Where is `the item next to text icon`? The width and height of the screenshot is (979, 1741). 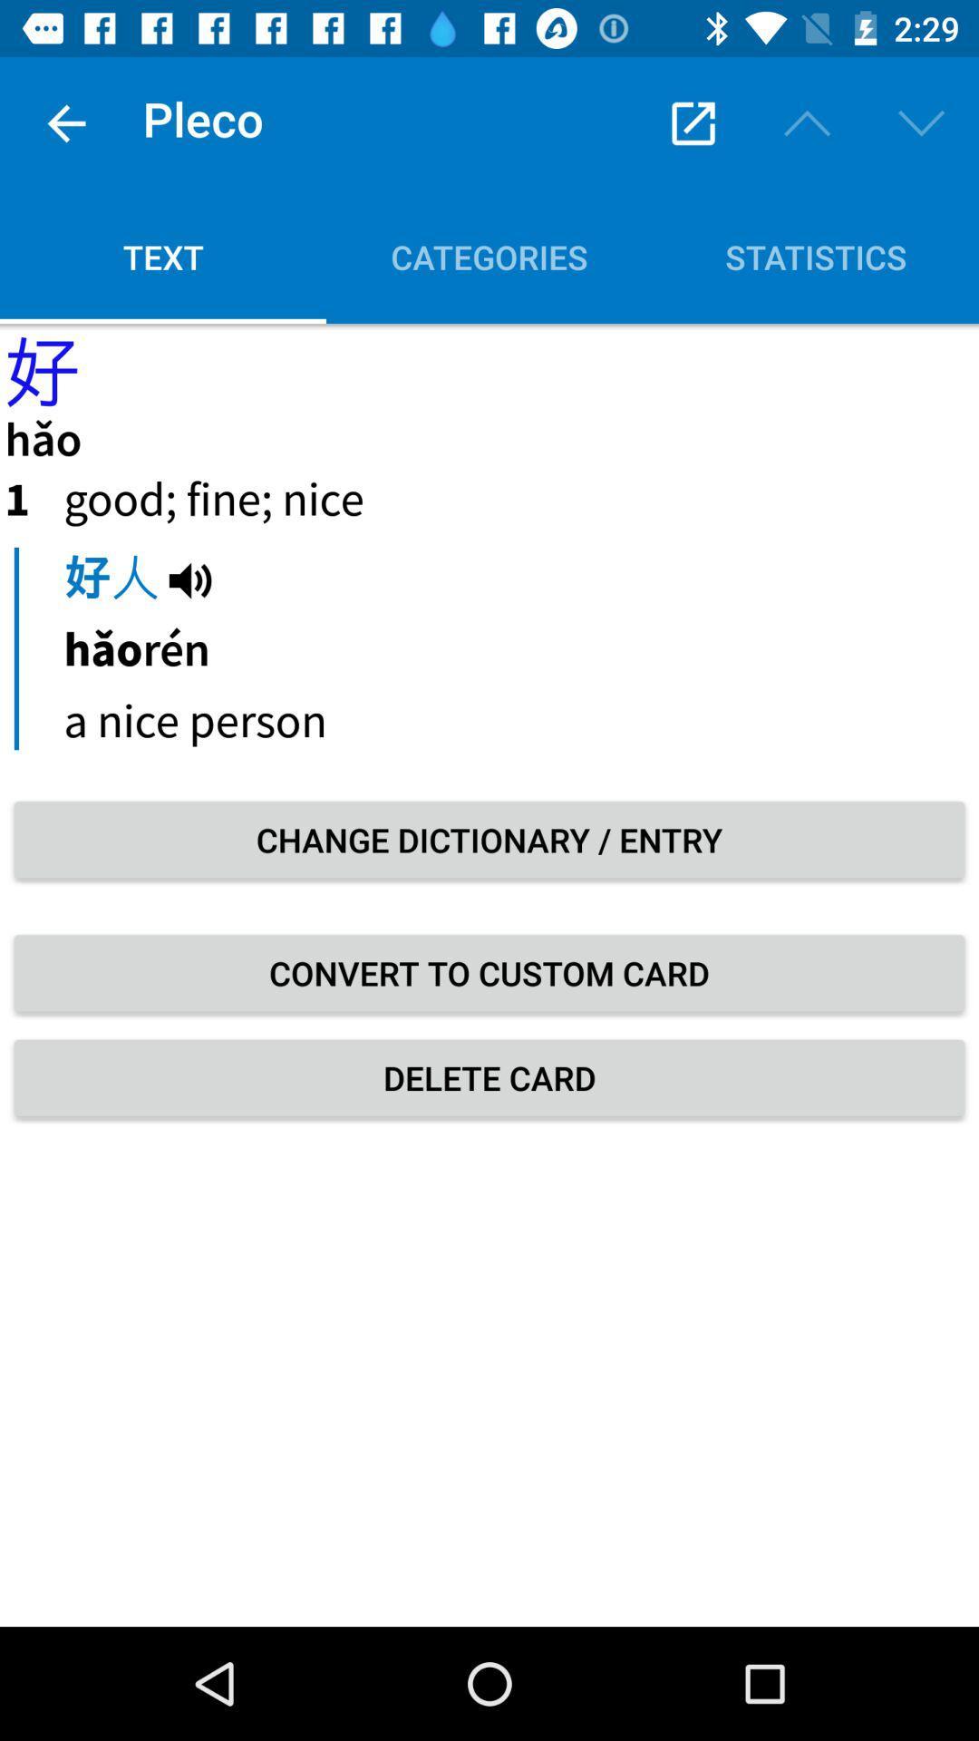 the item next to text icon is located at coordinates (693, 122).